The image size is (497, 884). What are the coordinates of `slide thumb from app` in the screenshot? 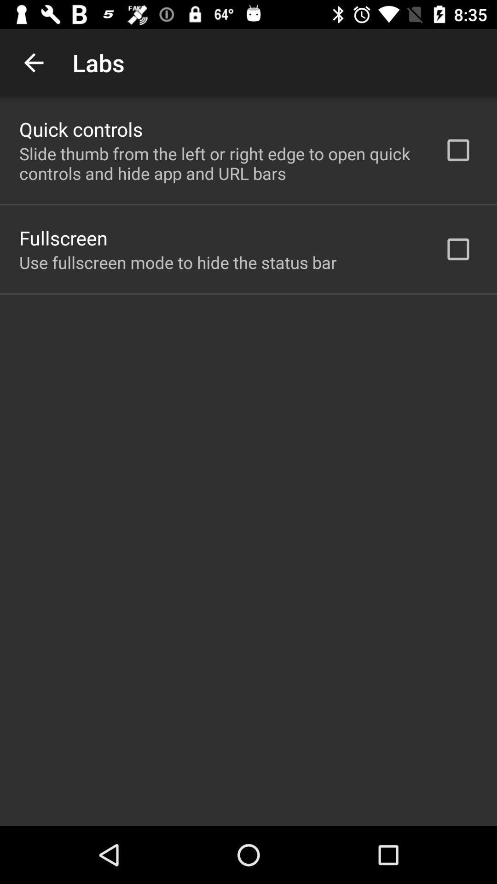 It's located at (220, 163).